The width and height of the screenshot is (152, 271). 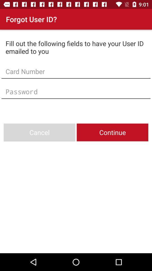 What do you see at coordinates (76, 91) in the screenshot?
I see `item at the center` at bounding box center [76, 91].